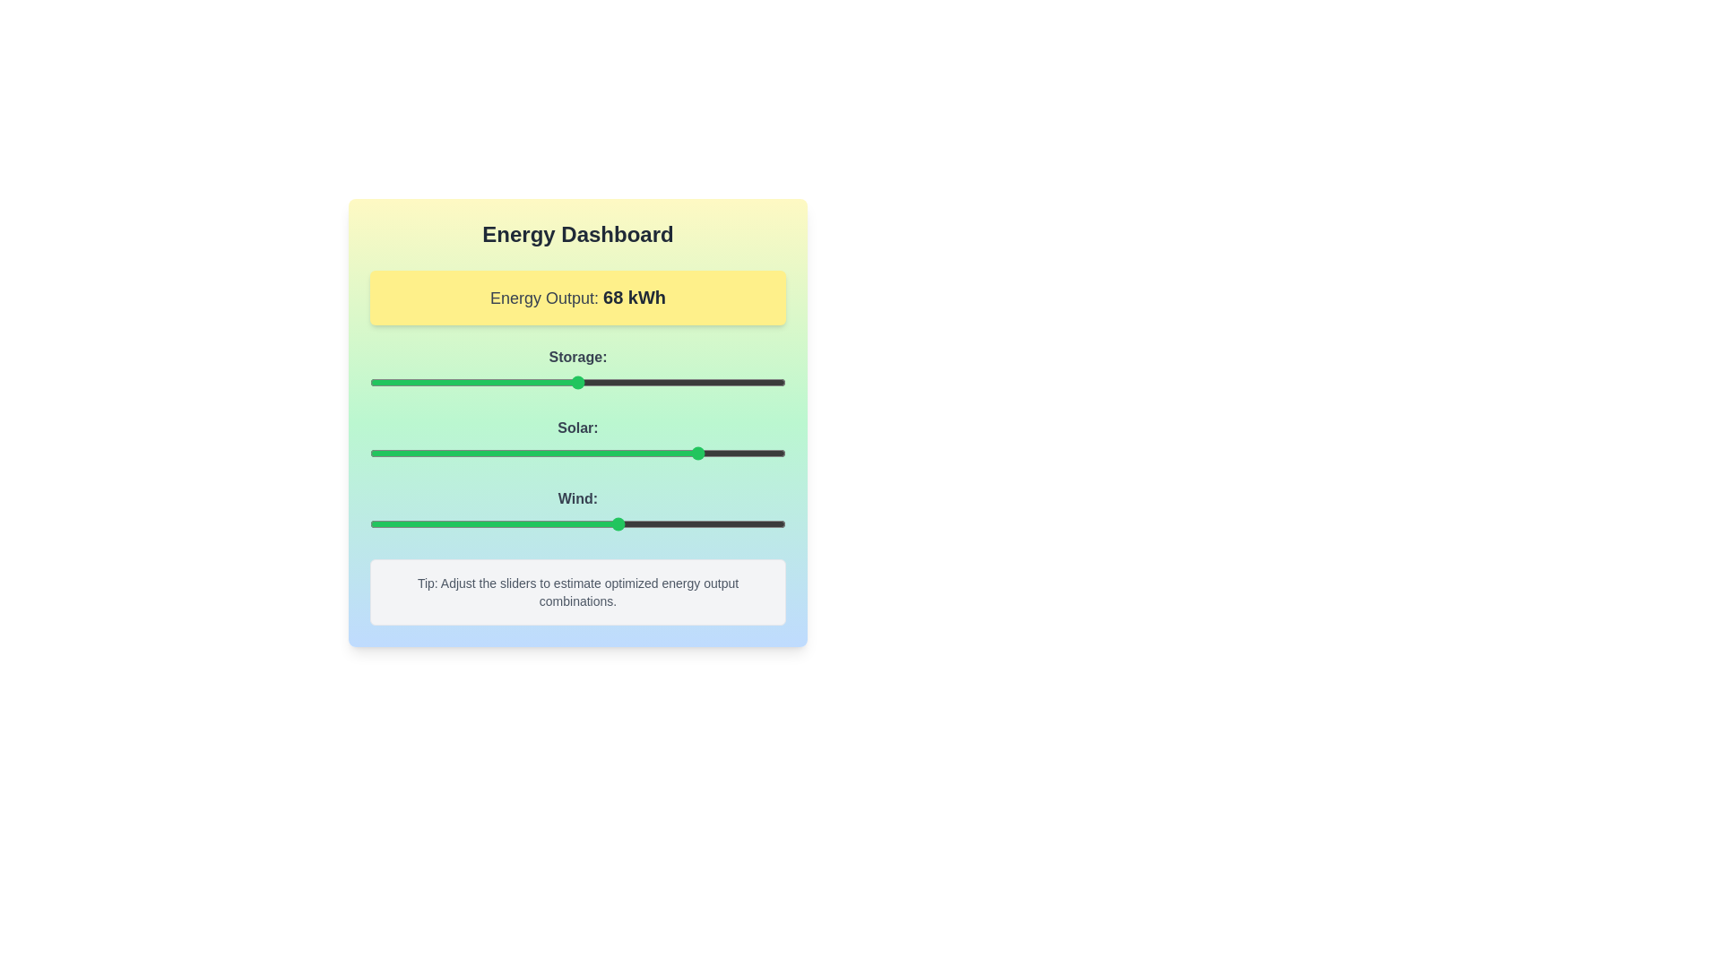  Describe the element at coordinates (465, 524) in the screenshot. I see `the 'Wind' slider to set its value to 23` at that location.